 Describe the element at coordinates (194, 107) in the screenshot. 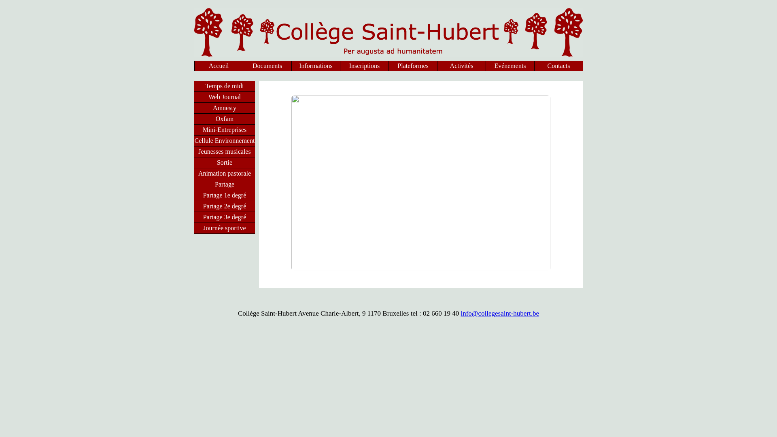

I see `'Amnesty'` at that location.